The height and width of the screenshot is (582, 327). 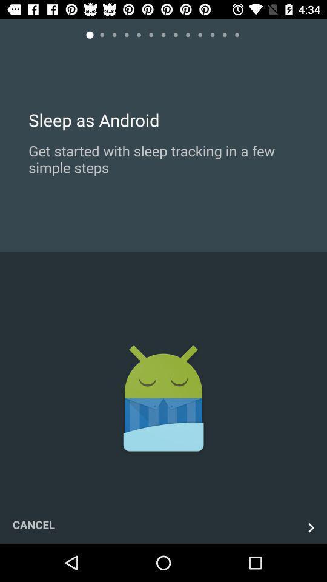 I want to click on the next button, so click(x=311, y=527).